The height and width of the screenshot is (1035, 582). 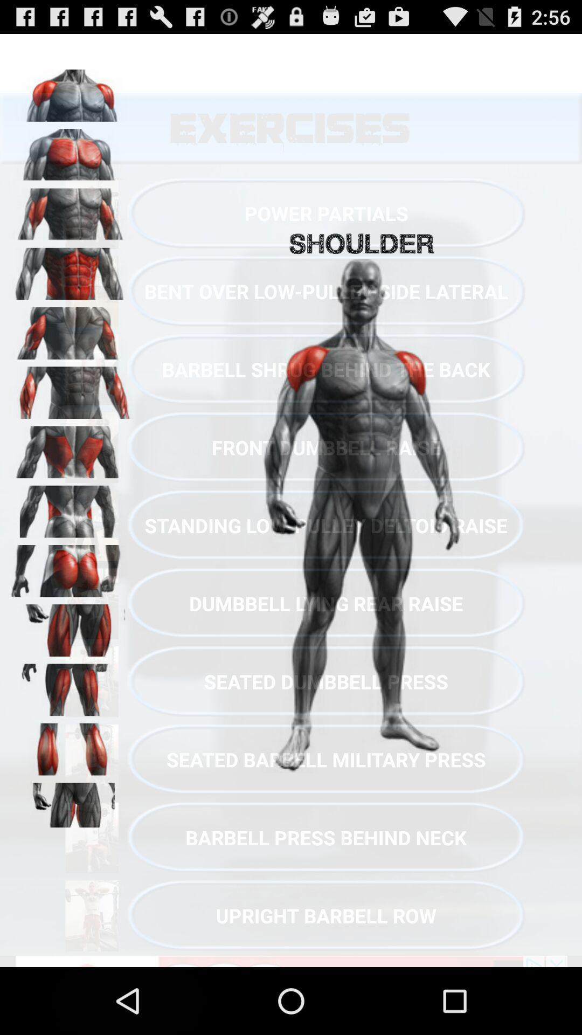 I want to click on show muscle category, so click(x=71, y=388).